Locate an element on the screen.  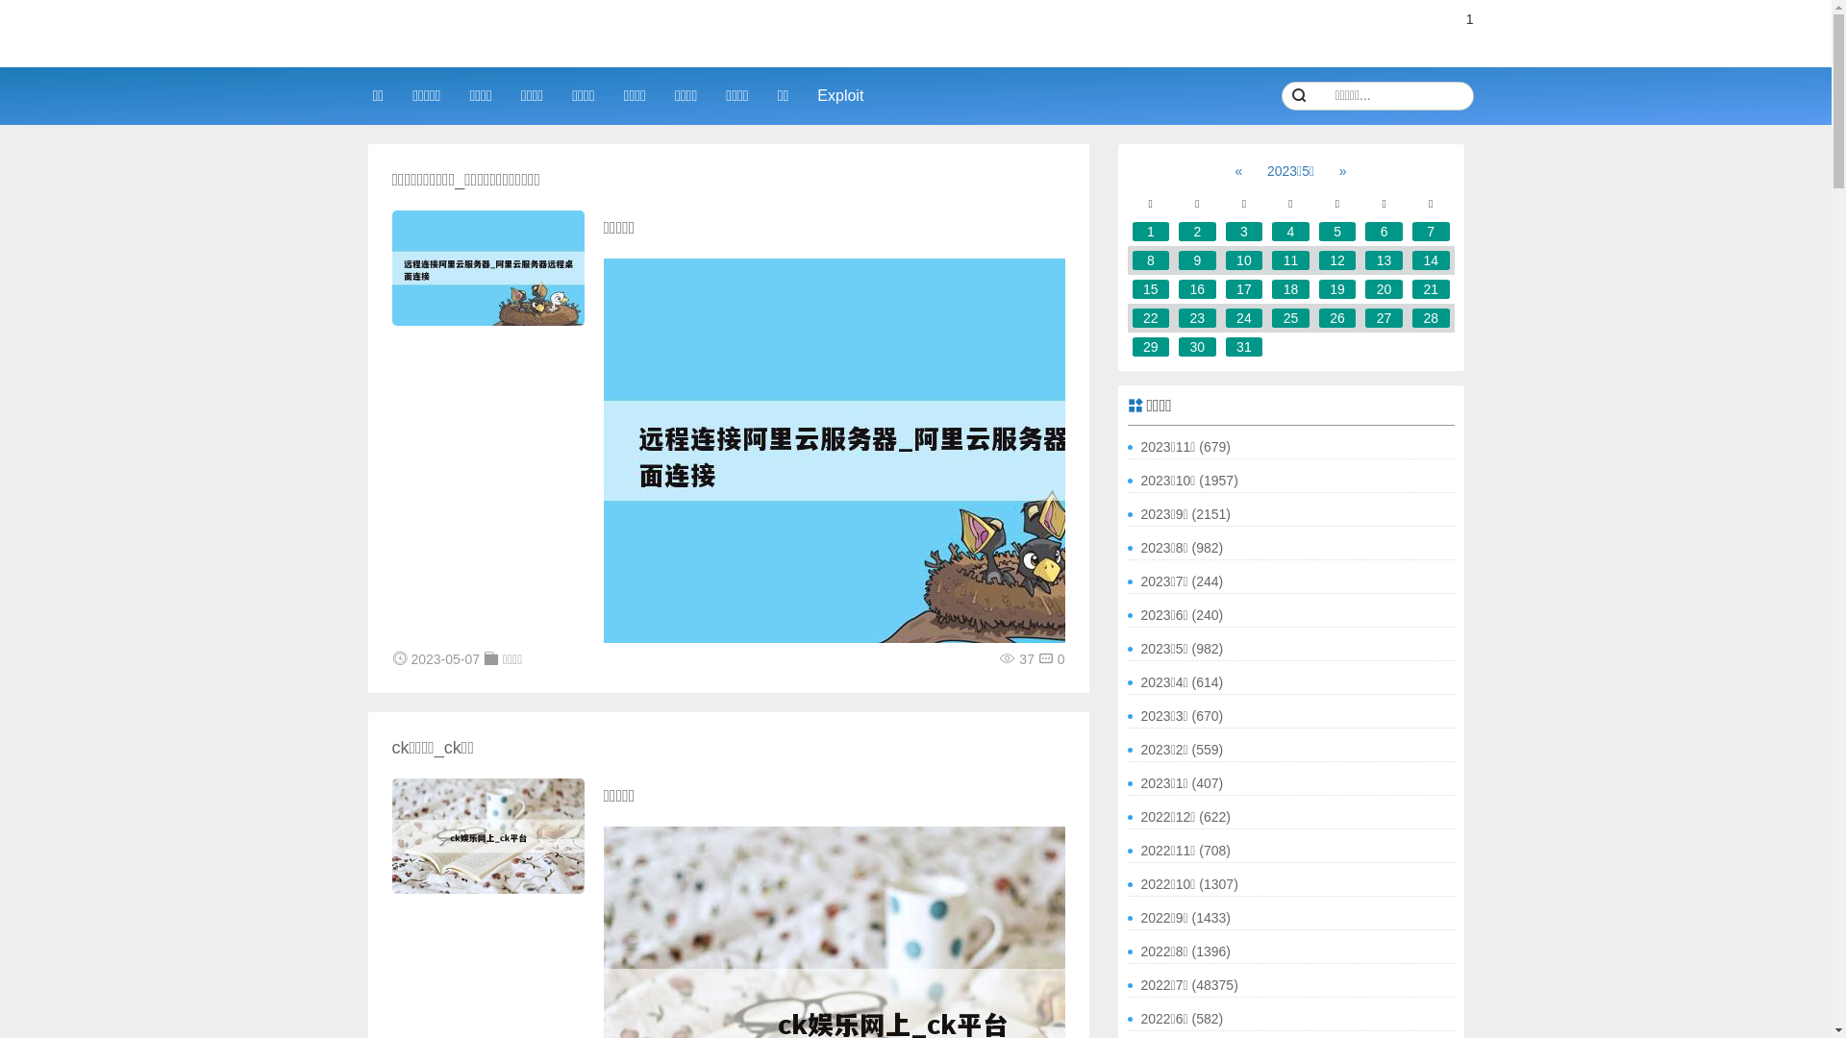
'15' is located at coordinates (1151, 288).